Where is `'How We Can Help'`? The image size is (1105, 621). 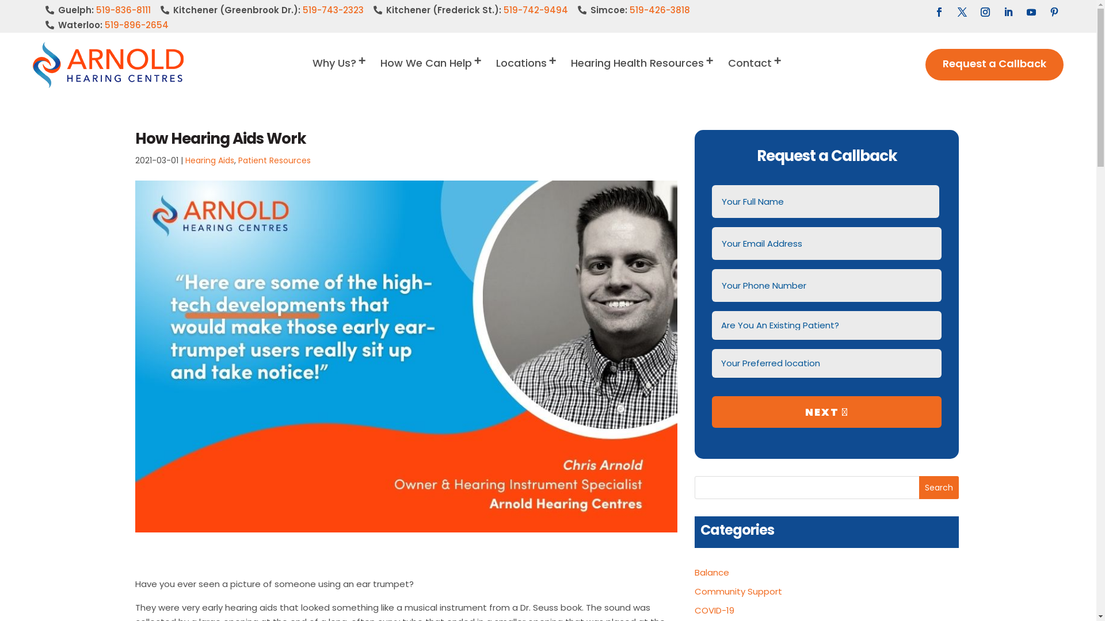
'How We Can Help' is located at coordinates (431, 73).